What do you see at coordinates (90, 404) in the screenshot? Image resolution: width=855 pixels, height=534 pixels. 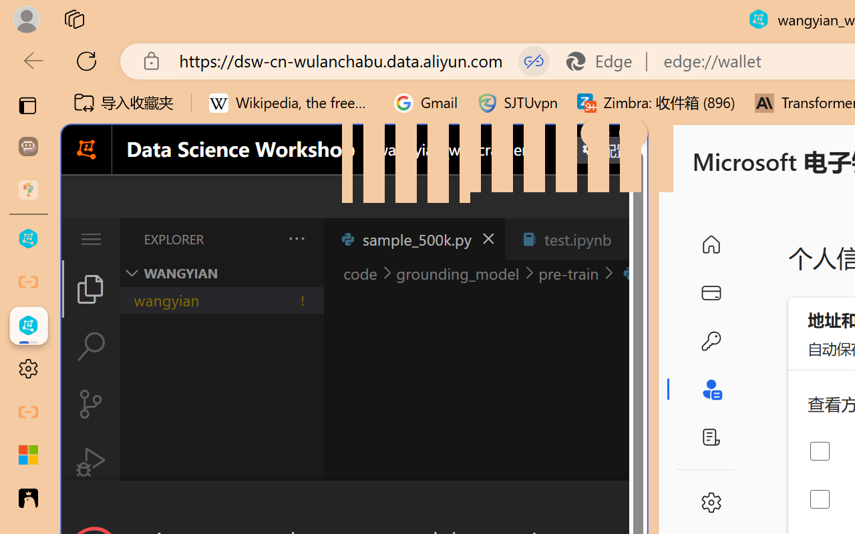 I see `'Source Control (Ctrl+Shift+G)'` at bounding box center [90, 404].